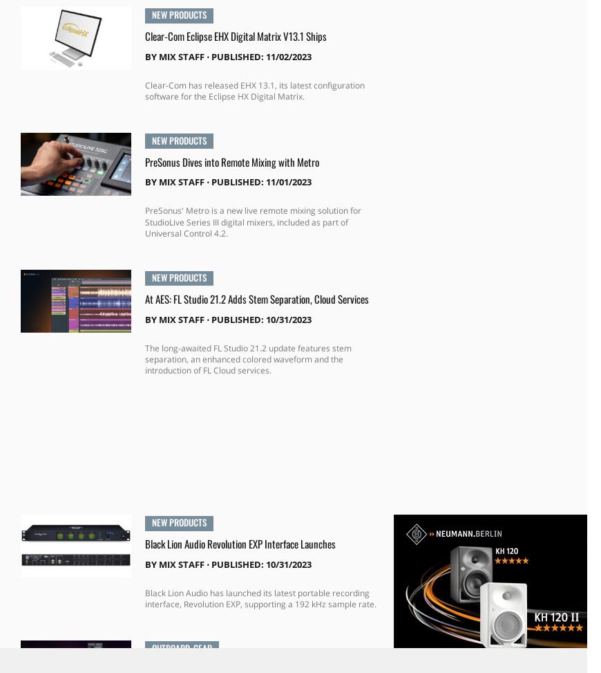 This screenshot has height=673, width=601. What do you see at coordinates (256, 299) in the screenshot?
I see `'At AES: FL Studio 21.2 Adds Stem Separation, Cloud Services'` at bounding box center [256, 299].